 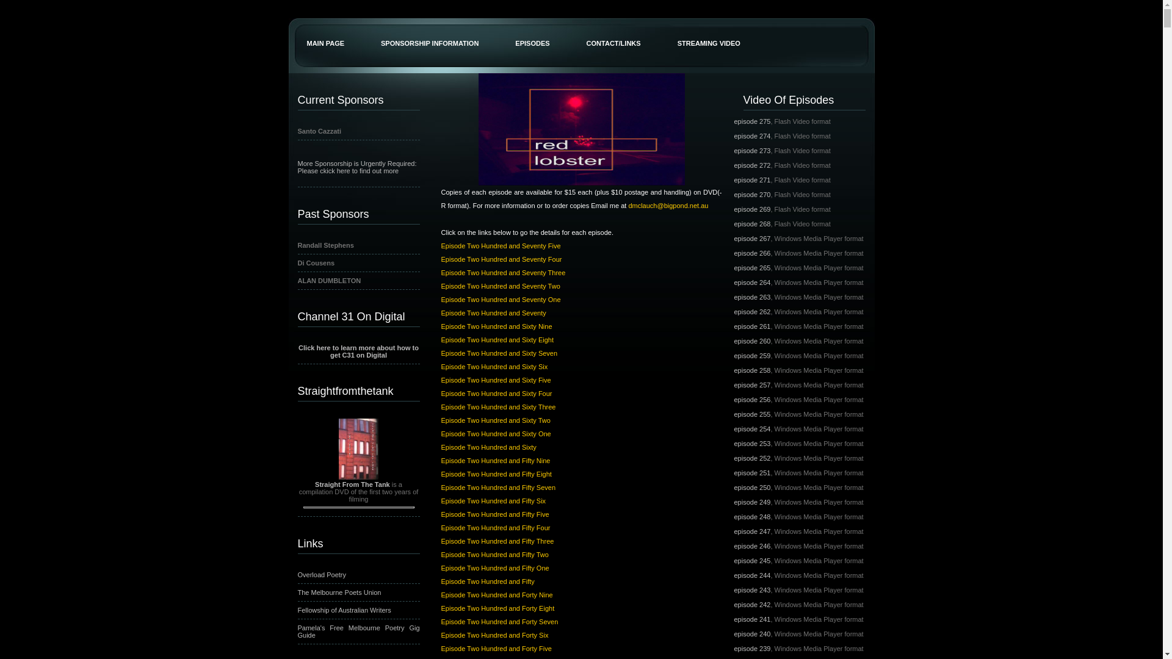 I want to click on 'Overload Poetry', so click(x=298, y=574).